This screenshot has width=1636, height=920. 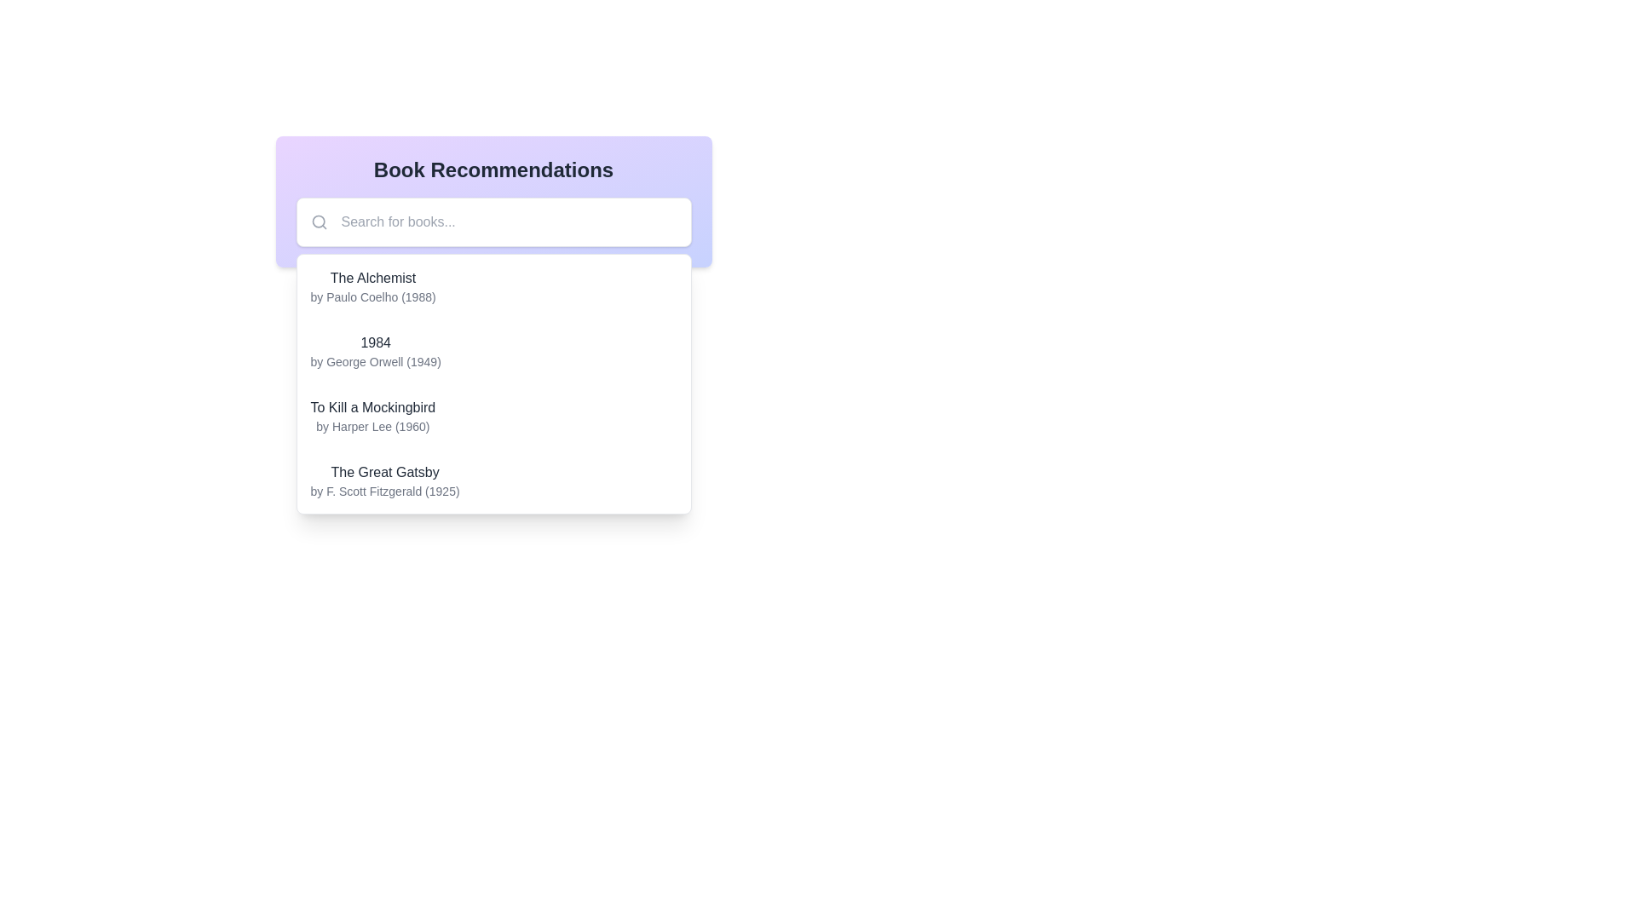 I want to click on the text label displaying the title '1984' in the book recommendations list for reading, so click(x=375, y=342).